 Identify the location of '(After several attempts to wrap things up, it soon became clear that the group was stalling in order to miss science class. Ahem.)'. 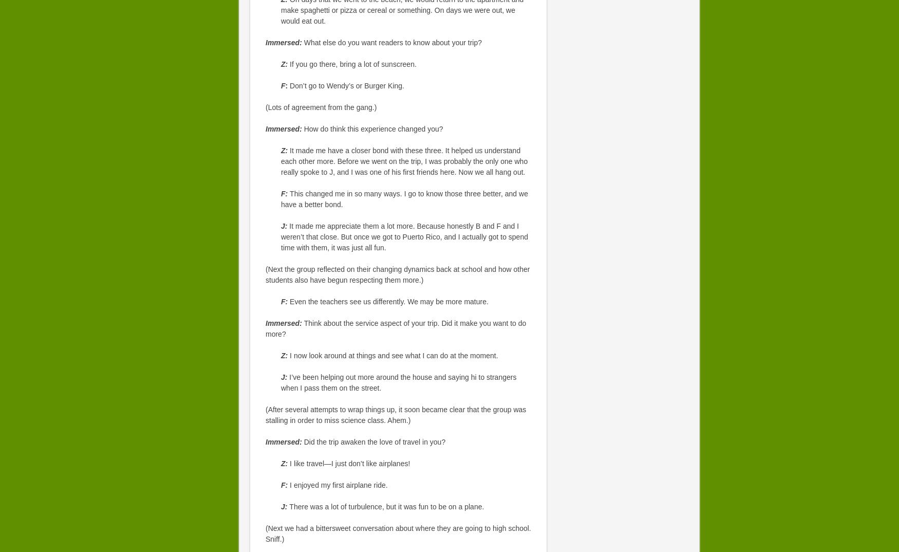
(395, 415).